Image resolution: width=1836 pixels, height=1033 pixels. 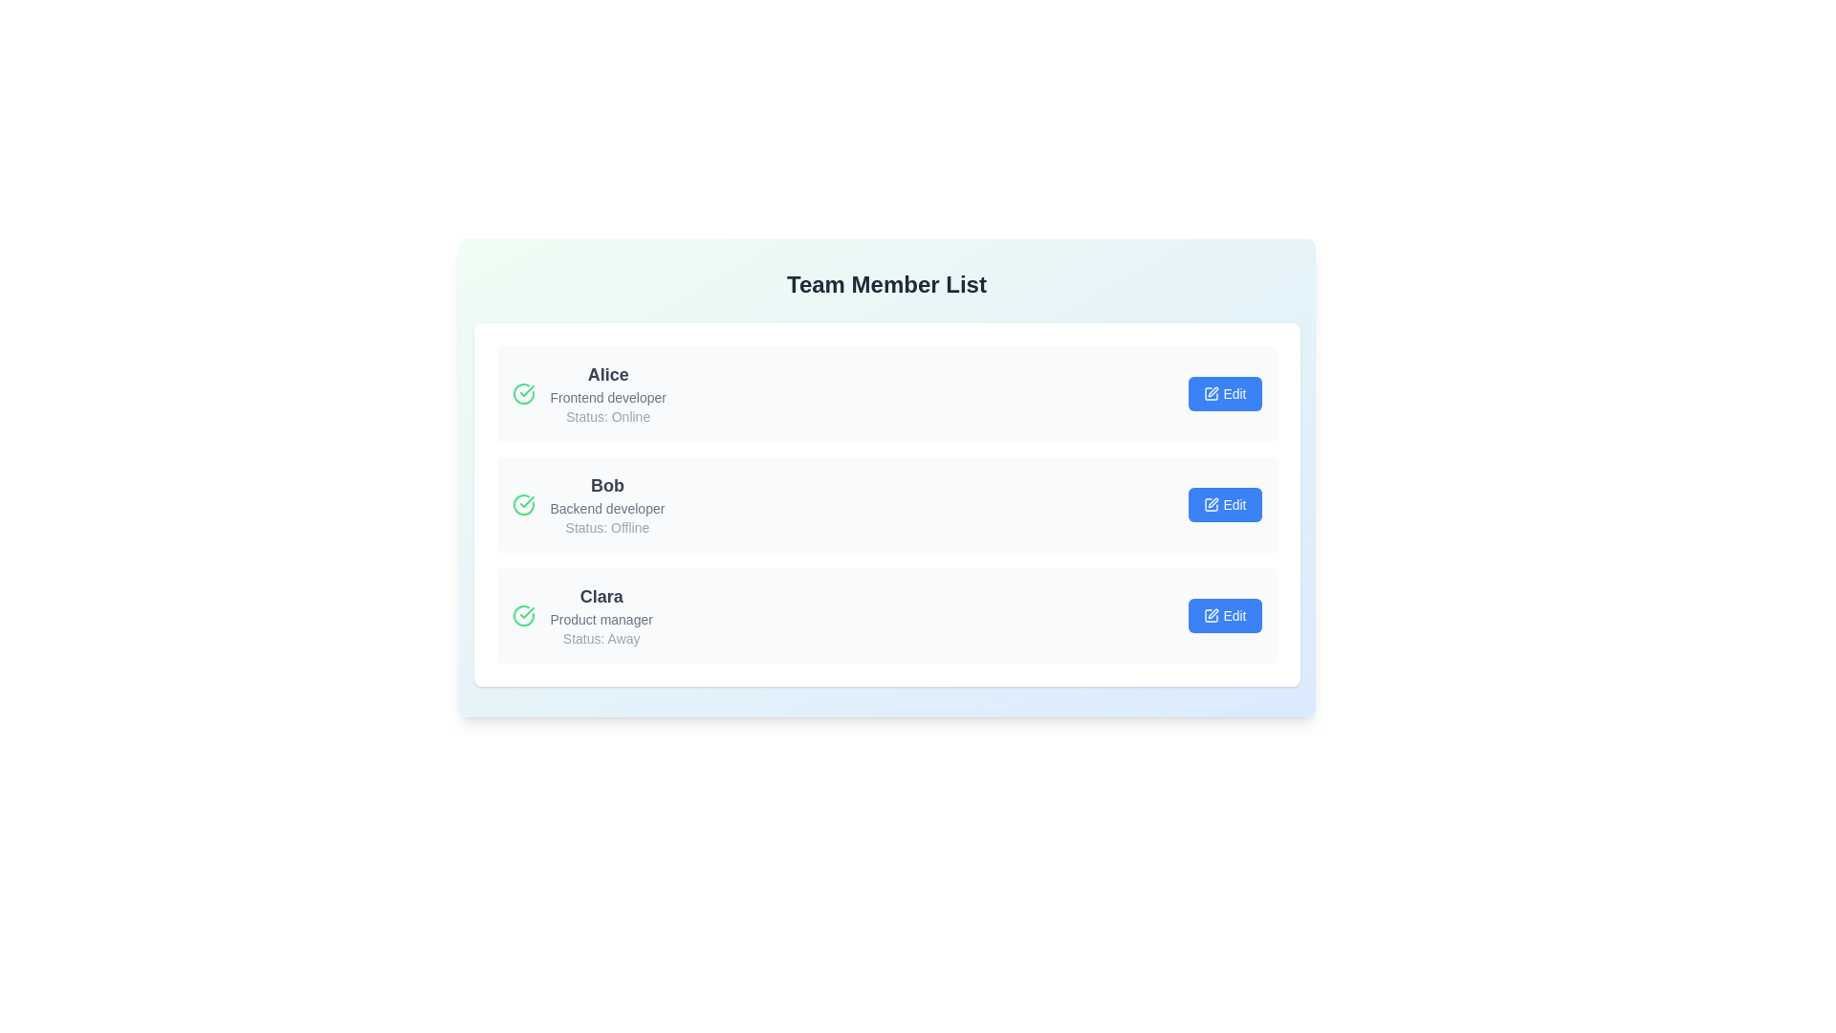 What do you see at coordinates (1225, 393) in the screenshot?
I see `'Edit' button for the user Alice` at bounding box center [1225, 393].